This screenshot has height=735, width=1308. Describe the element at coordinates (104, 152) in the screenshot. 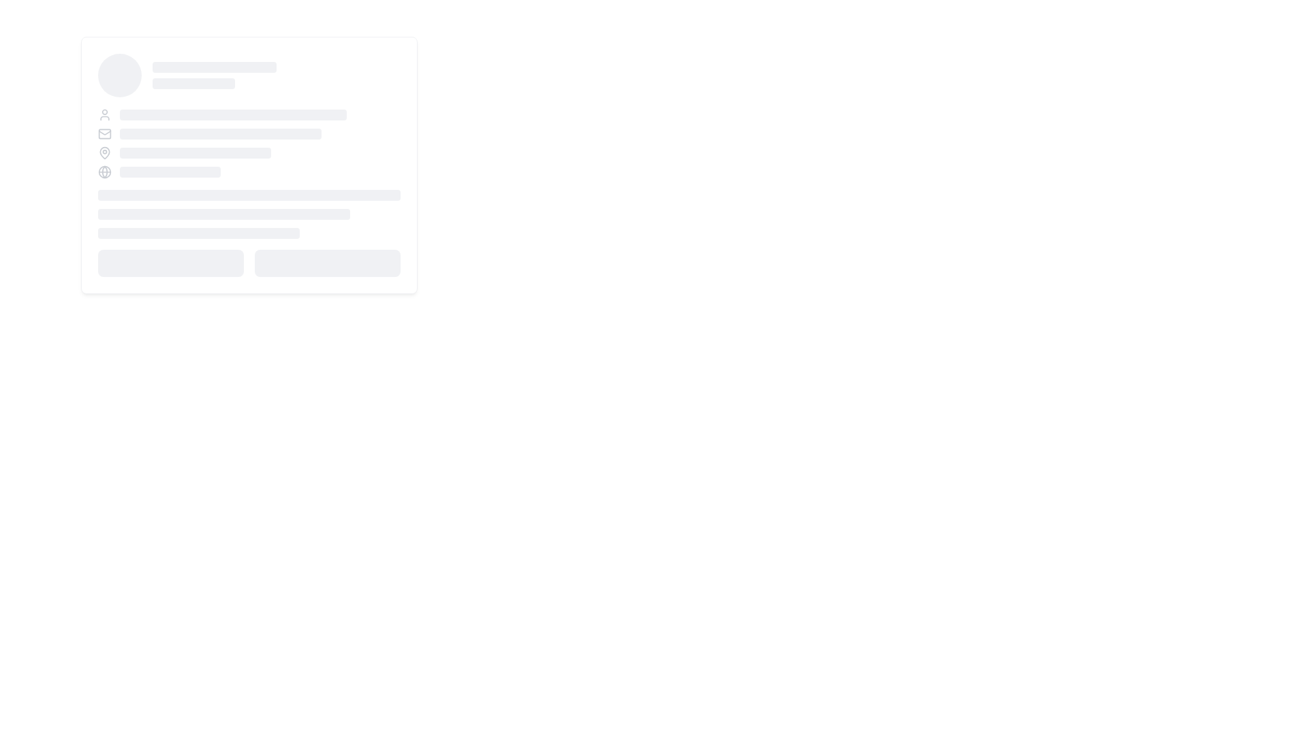

I see `the third icon in the left-aligned vertical list, which is a location pin icon` at that location.